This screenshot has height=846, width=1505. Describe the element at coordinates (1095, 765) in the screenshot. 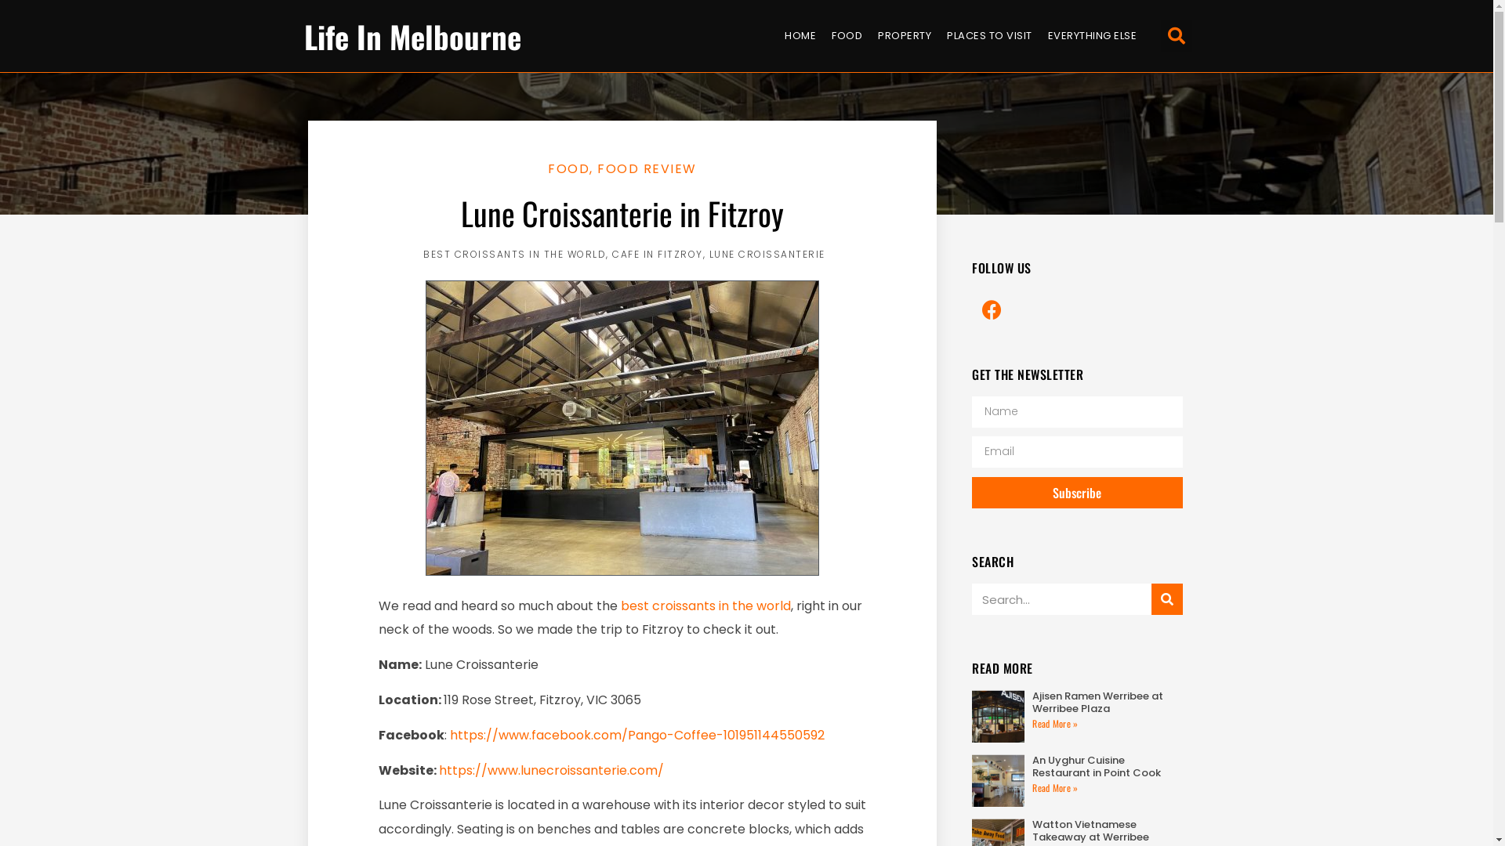

I see `'An Uyghur Cuisine Restaurant in Point Cook'` at that location.